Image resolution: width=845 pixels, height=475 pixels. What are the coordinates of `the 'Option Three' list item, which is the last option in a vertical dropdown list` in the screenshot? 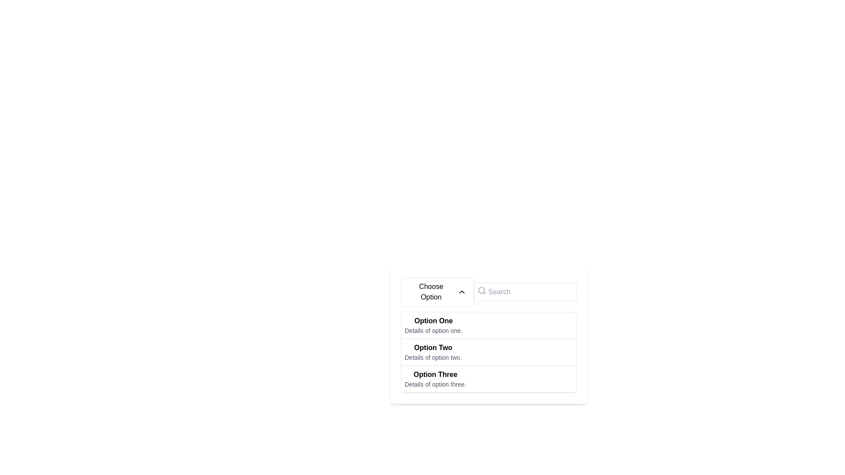 It's located at (435, 378).